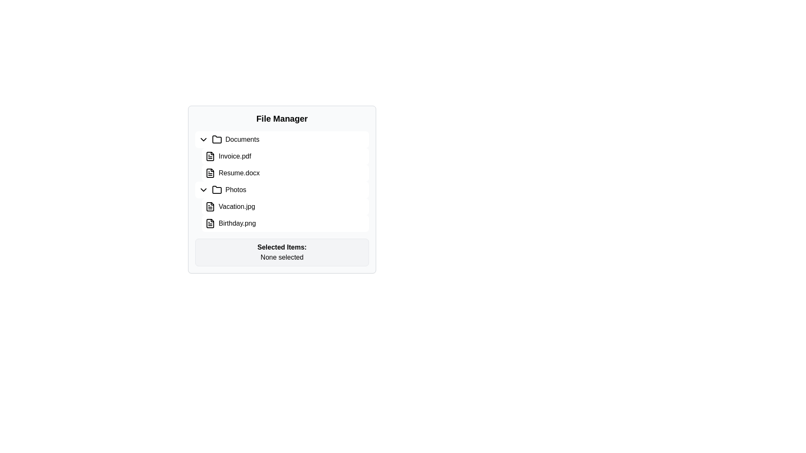  I want to click on the center of the hierarchical file list, so click(282, 181).